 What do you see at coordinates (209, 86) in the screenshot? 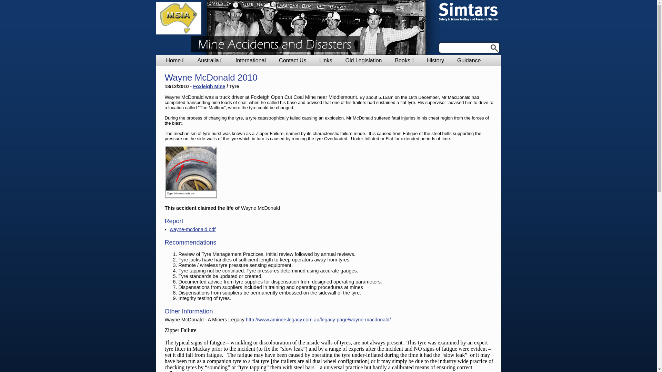
I see `'Foxleigh Mine'` at bounding box center [209, 86].